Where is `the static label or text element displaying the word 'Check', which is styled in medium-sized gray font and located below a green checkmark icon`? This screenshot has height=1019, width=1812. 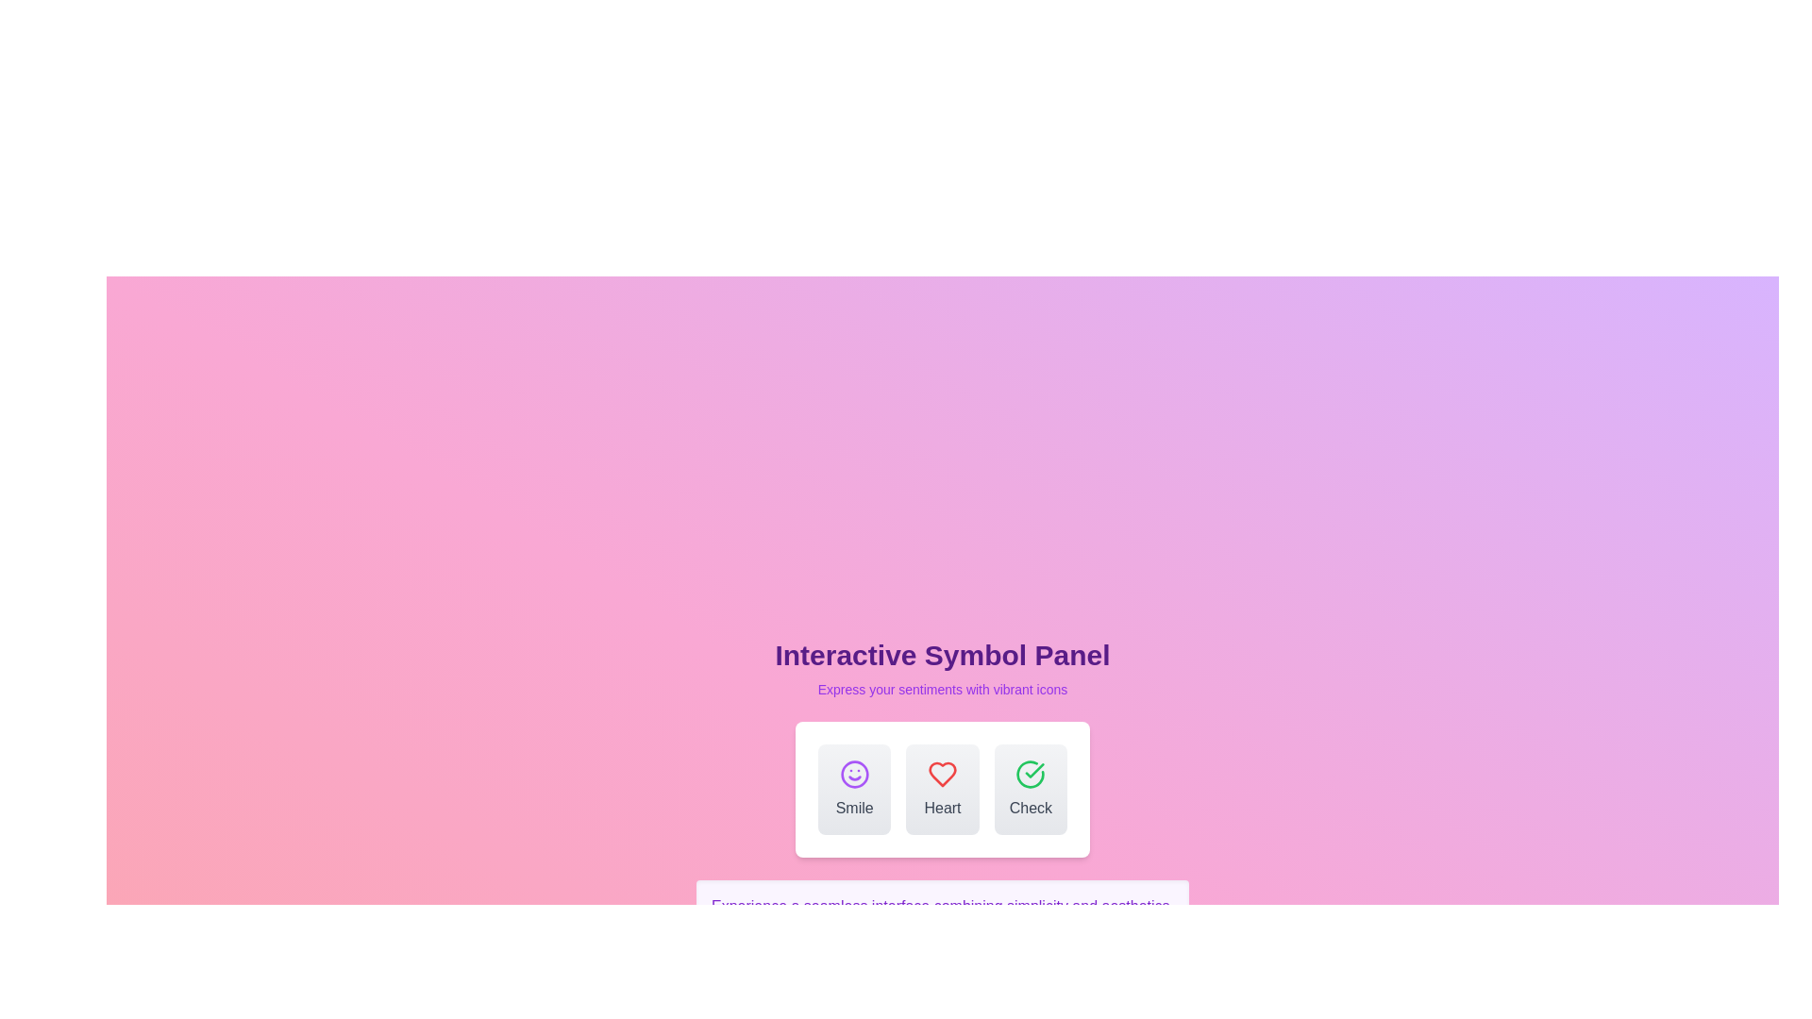
the static label or text element displaying the word 'Check', which is styled in medium-sized gray font and located below a green checkmark icon is located at coordinates (1030, 807).